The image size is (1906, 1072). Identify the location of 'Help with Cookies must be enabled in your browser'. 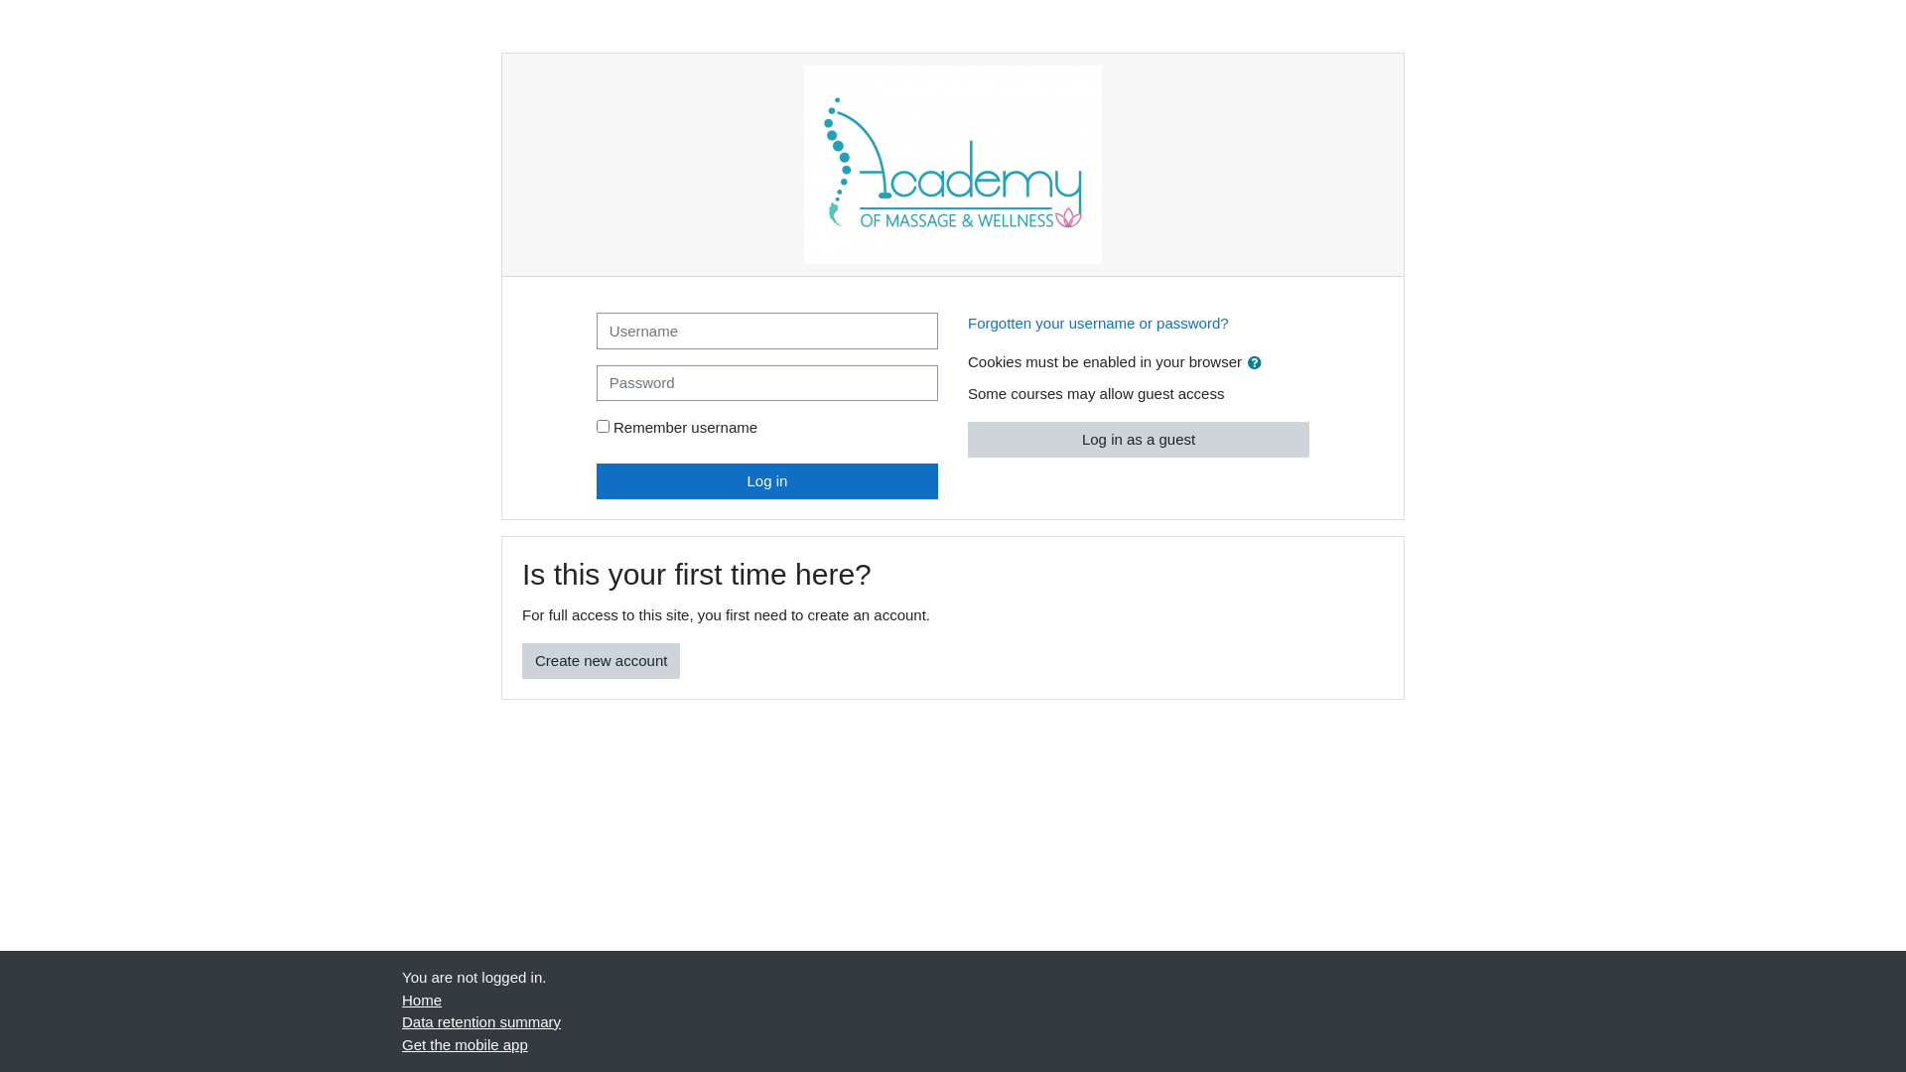
(1253, 360).